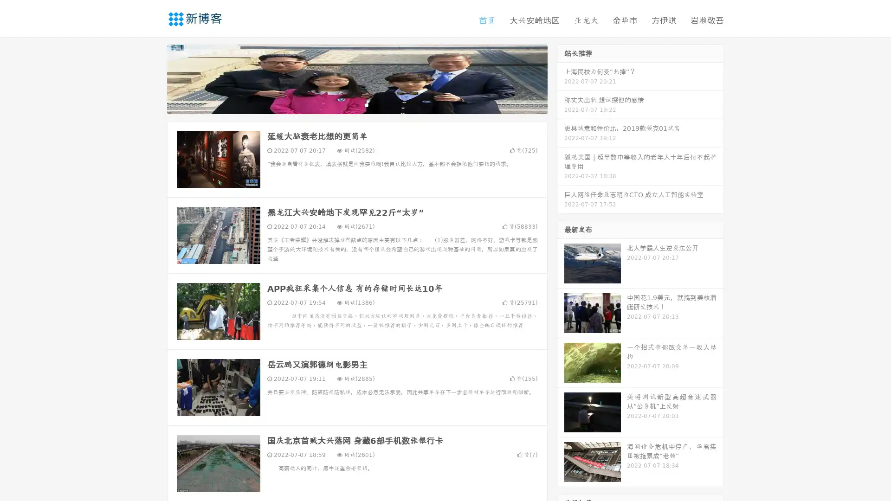 The height and width of the screenshot is (501, 891). Describe the element at coordinates (153, 78) in the screenshot. I see `Previous slide` at that location.